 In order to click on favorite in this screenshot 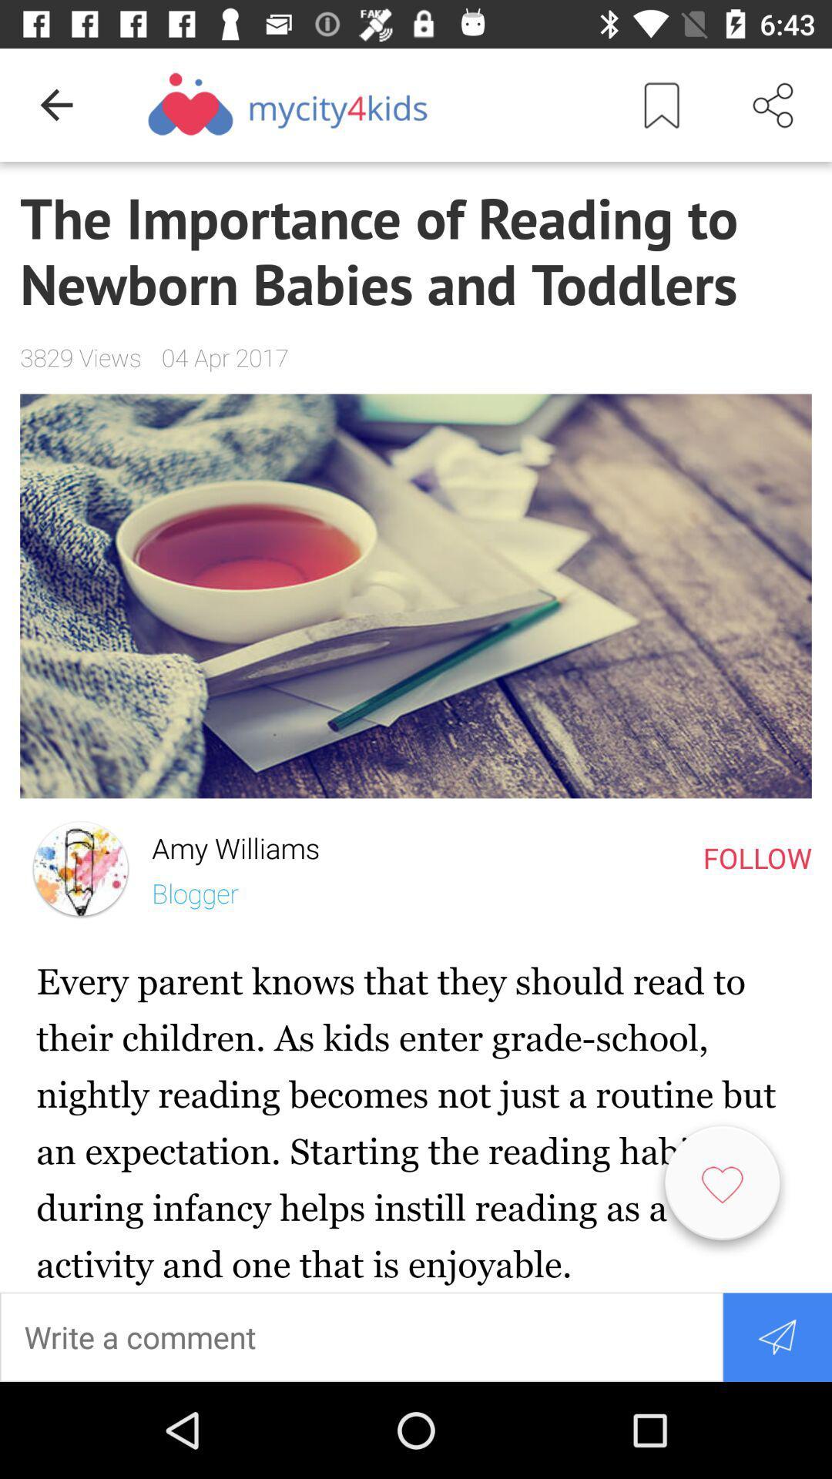, I will do `click(722, 1188)`.